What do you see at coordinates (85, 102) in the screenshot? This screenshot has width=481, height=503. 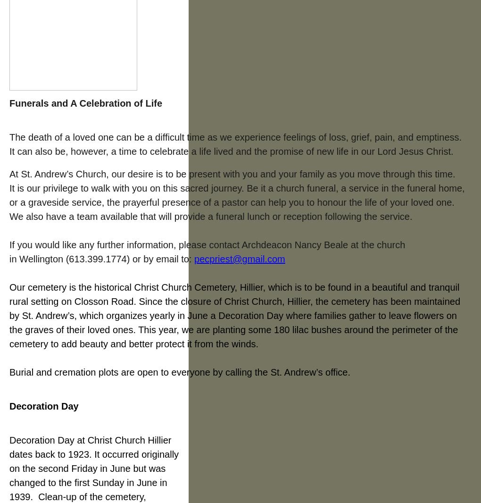 I see `'Funerals and A Celebration of Life'` at bounding box center [85, 102].